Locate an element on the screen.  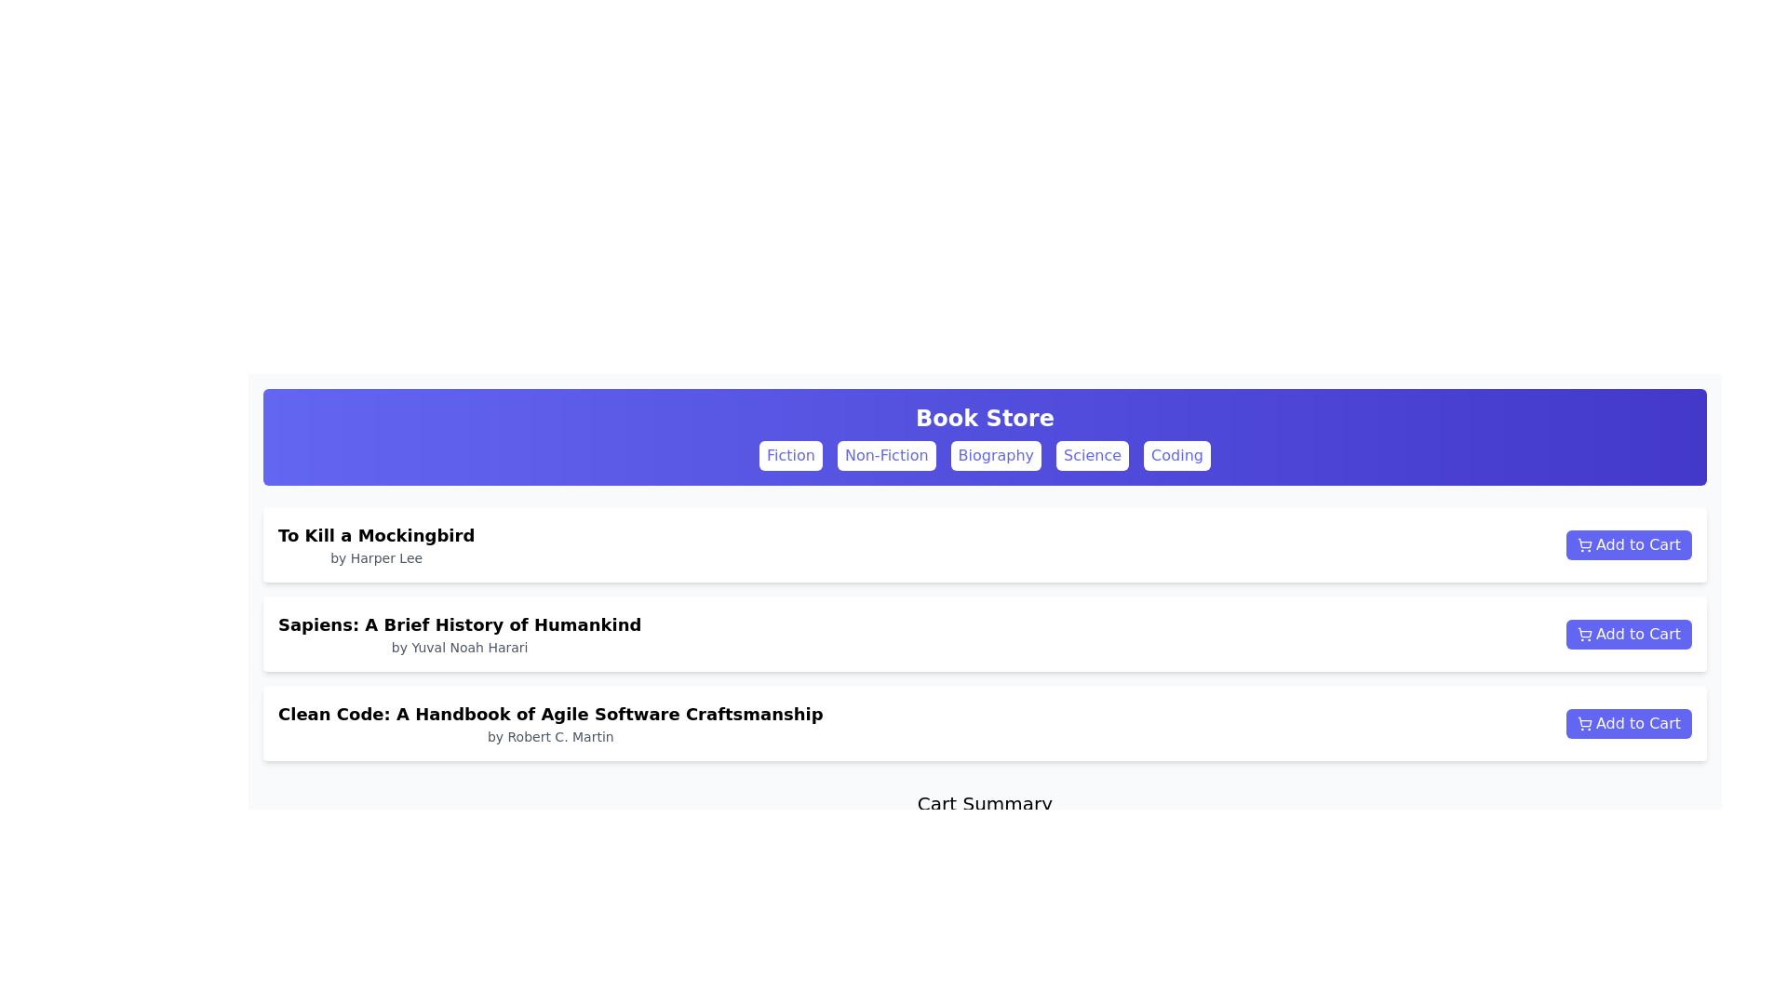
the 'Fiction' button, which is the first button in a sequence of genre buttons at the top of the interface is located at coordinates (790, 455).